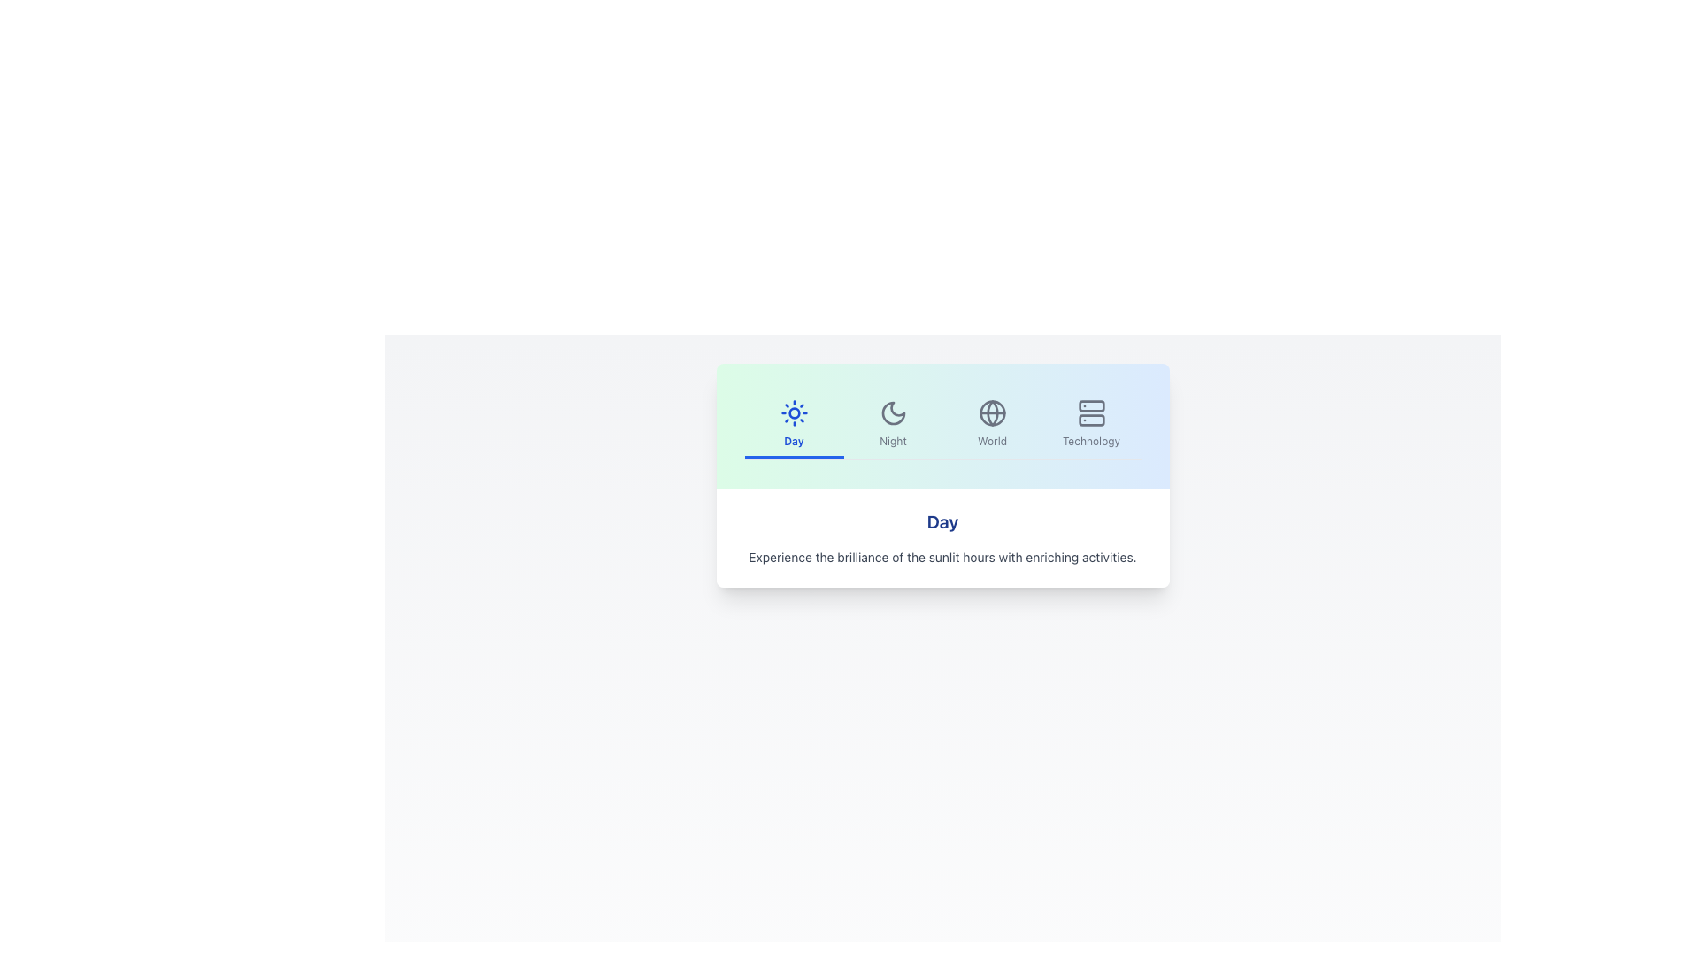 The image size is (1699, 956). I want to click on the text element displaying 'World', which is located below a globe icon in a horizontal menu of four options, so click(992, 440).